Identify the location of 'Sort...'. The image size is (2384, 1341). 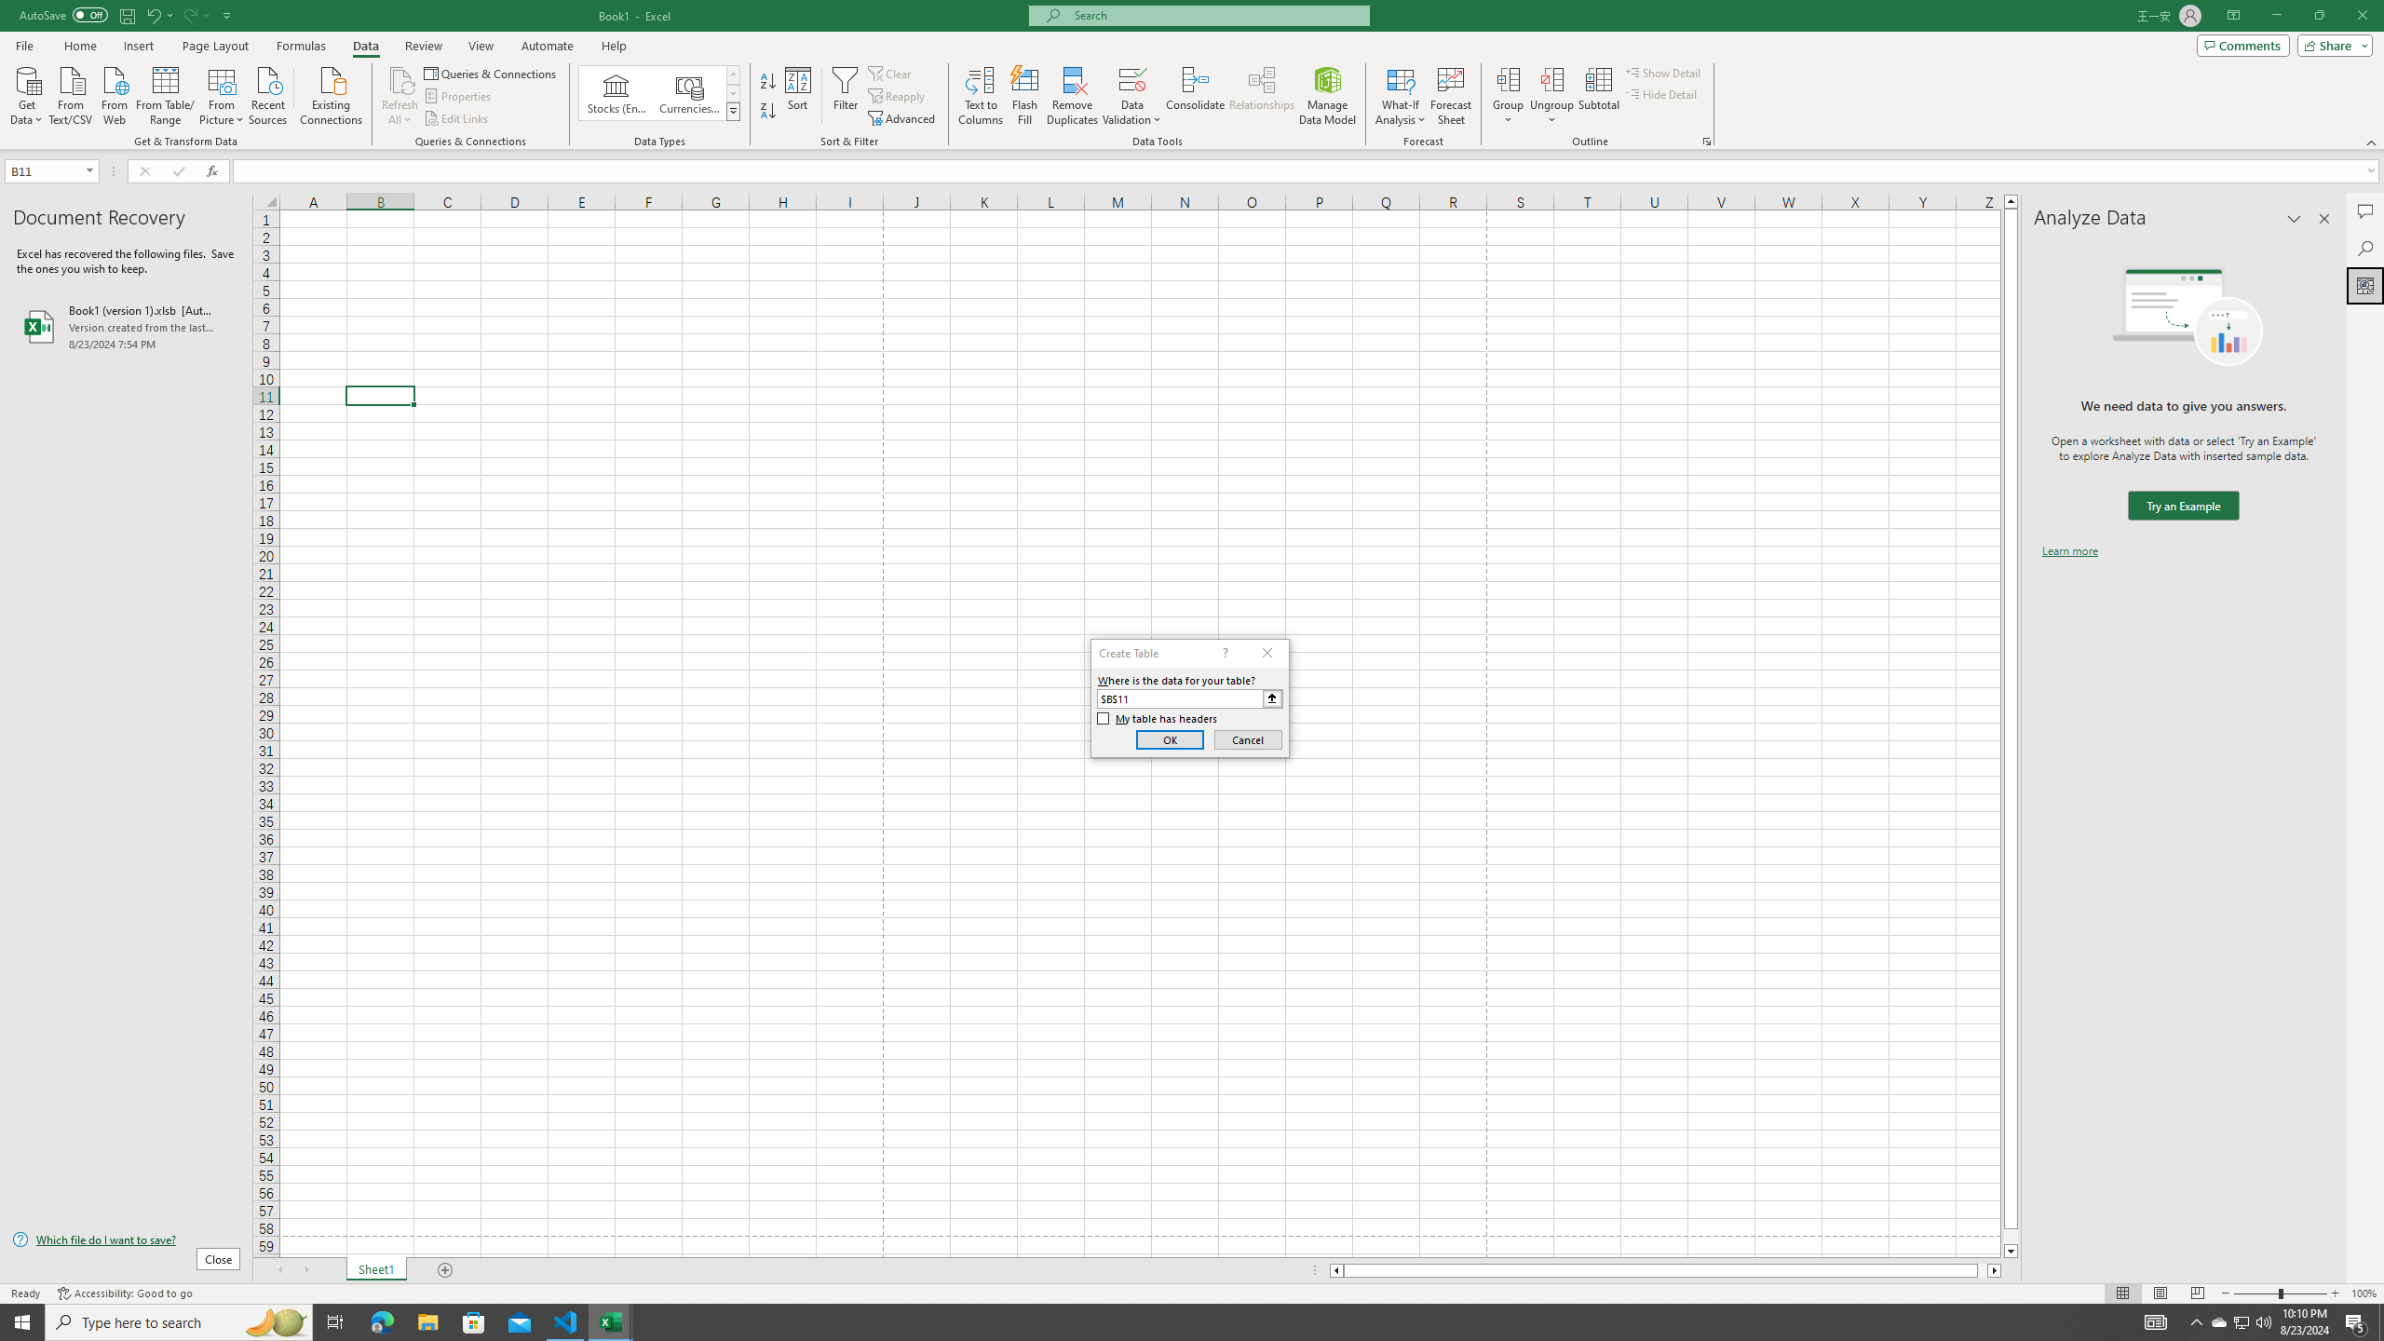
(797, 96).